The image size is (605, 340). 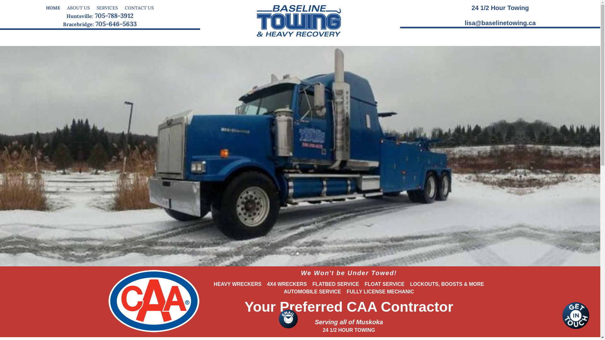 What do you see at coordinates (297, 253) in the screenshot?
I see `'2'` at bounding box center [297, 253].